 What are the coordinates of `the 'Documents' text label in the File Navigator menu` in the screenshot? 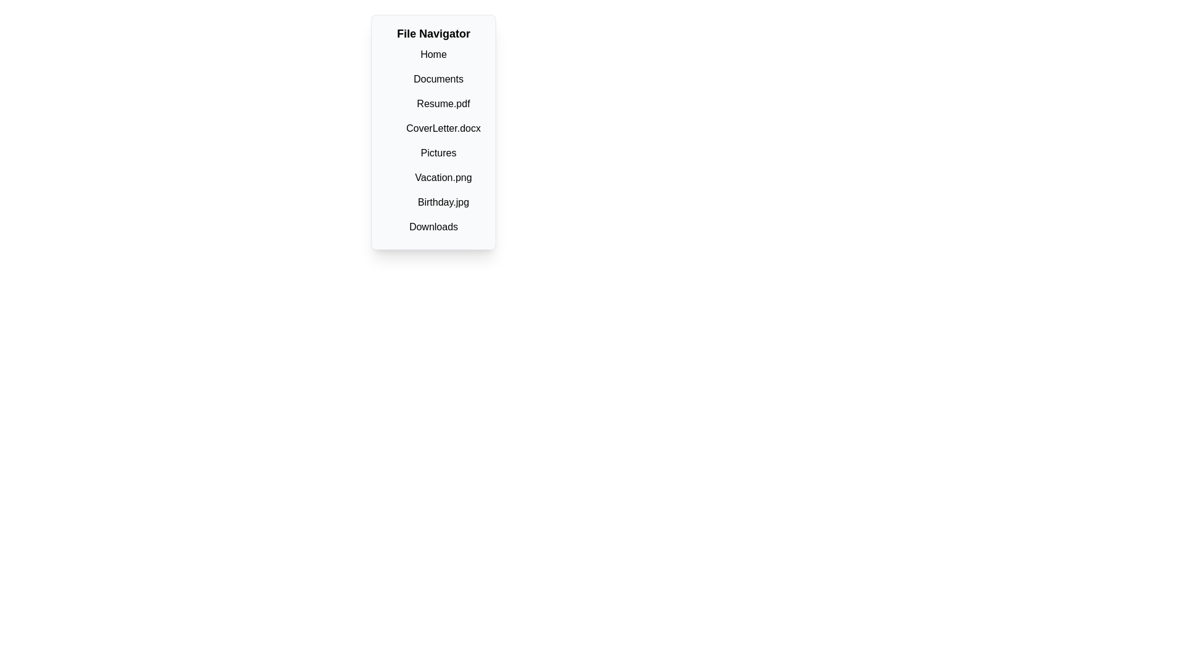 It's located at (438, 79).